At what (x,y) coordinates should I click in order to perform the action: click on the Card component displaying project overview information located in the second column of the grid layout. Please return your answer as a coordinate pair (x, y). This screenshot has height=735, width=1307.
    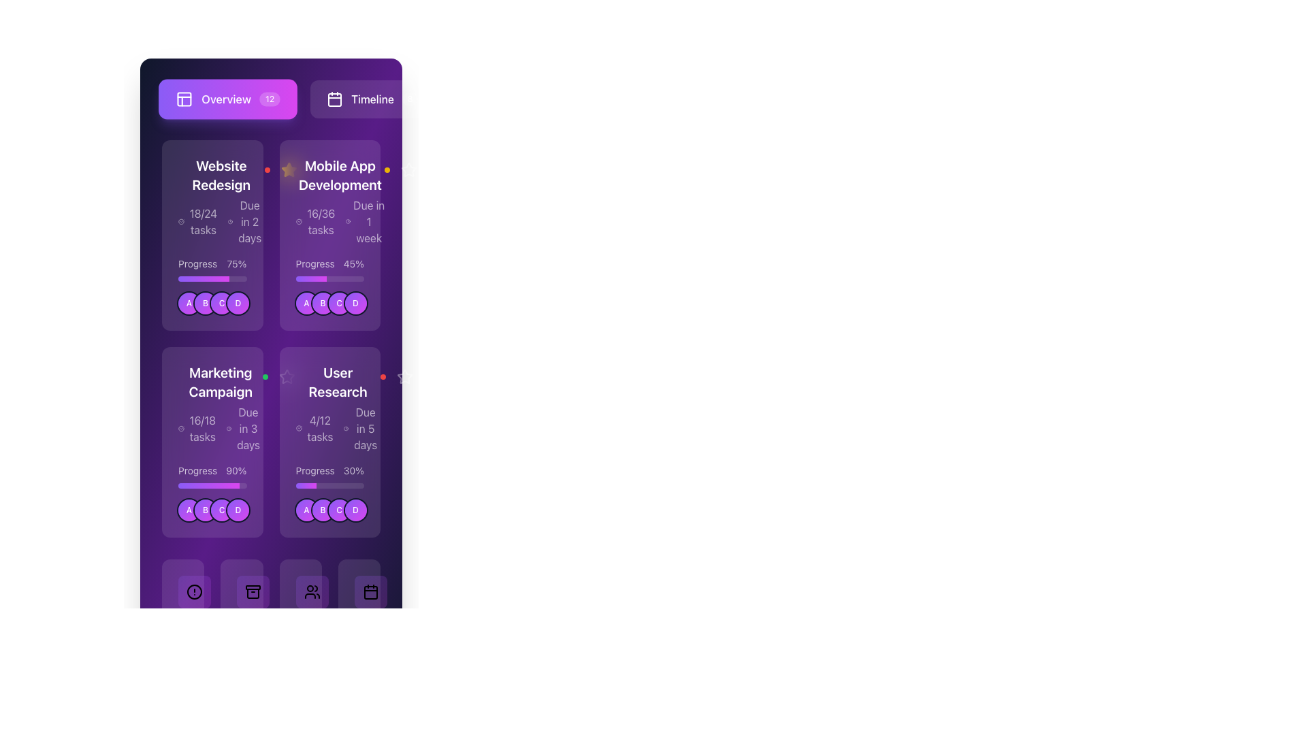
    Looking at the image, I should click on (329, 235).